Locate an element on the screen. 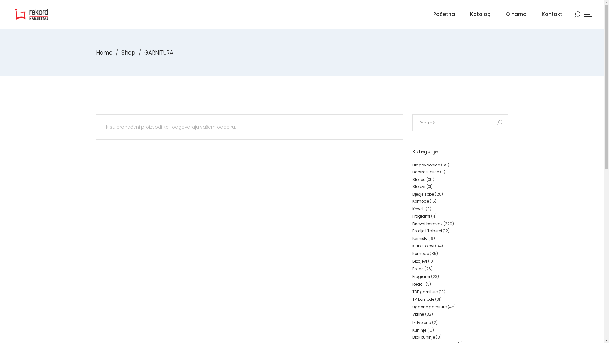  'TDF garniture' is located at coordinates (425, 292).